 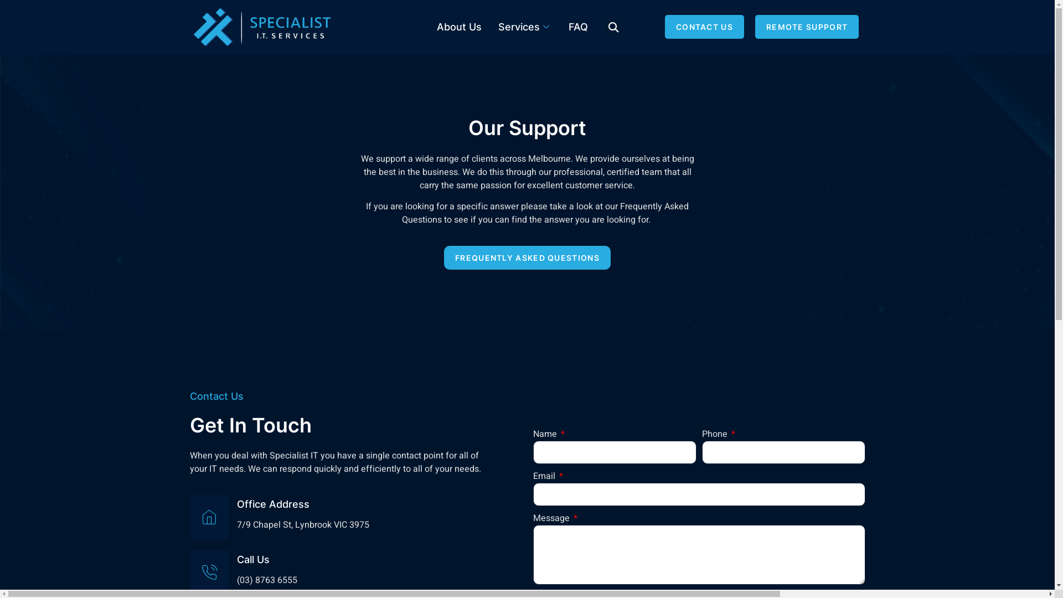 I want to click on 'About Us', so click(x=459, y=27).